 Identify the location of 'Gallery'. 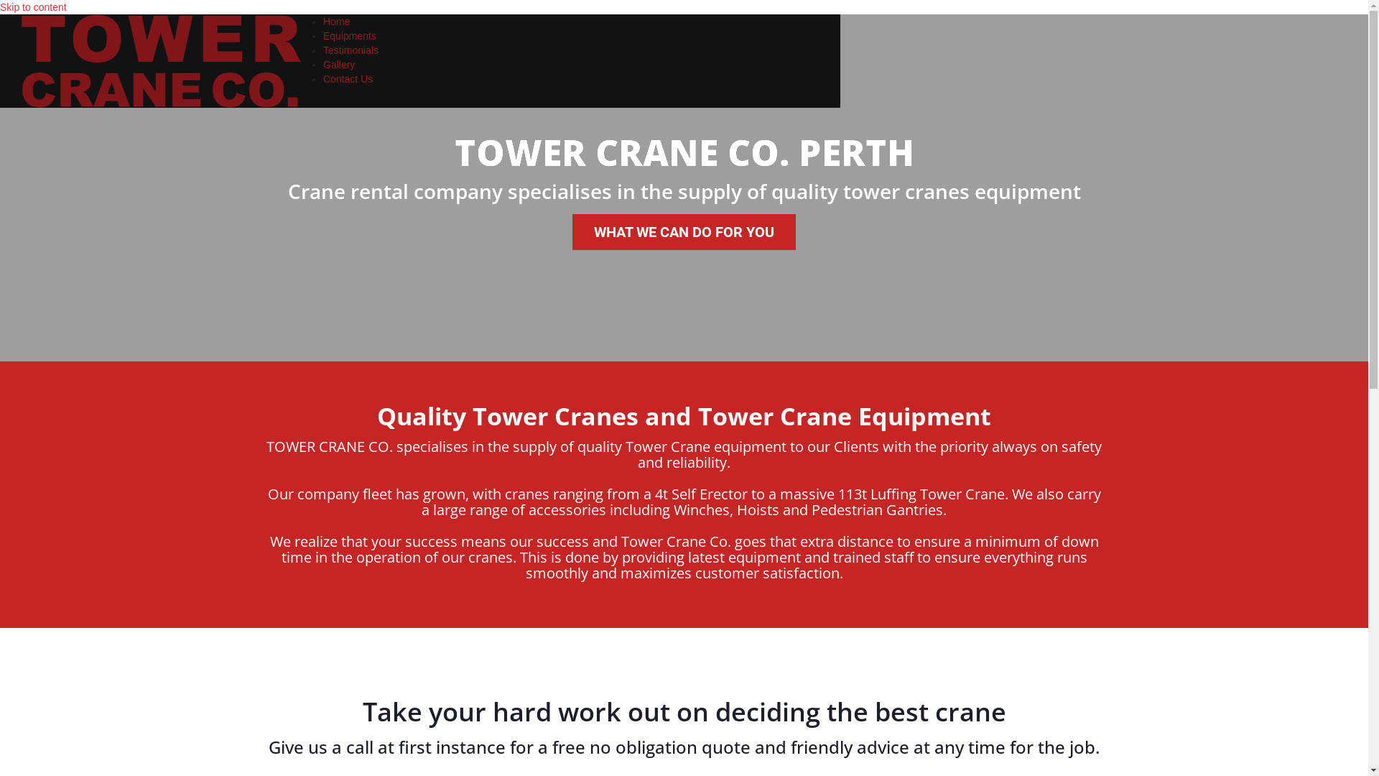
(338, 63).